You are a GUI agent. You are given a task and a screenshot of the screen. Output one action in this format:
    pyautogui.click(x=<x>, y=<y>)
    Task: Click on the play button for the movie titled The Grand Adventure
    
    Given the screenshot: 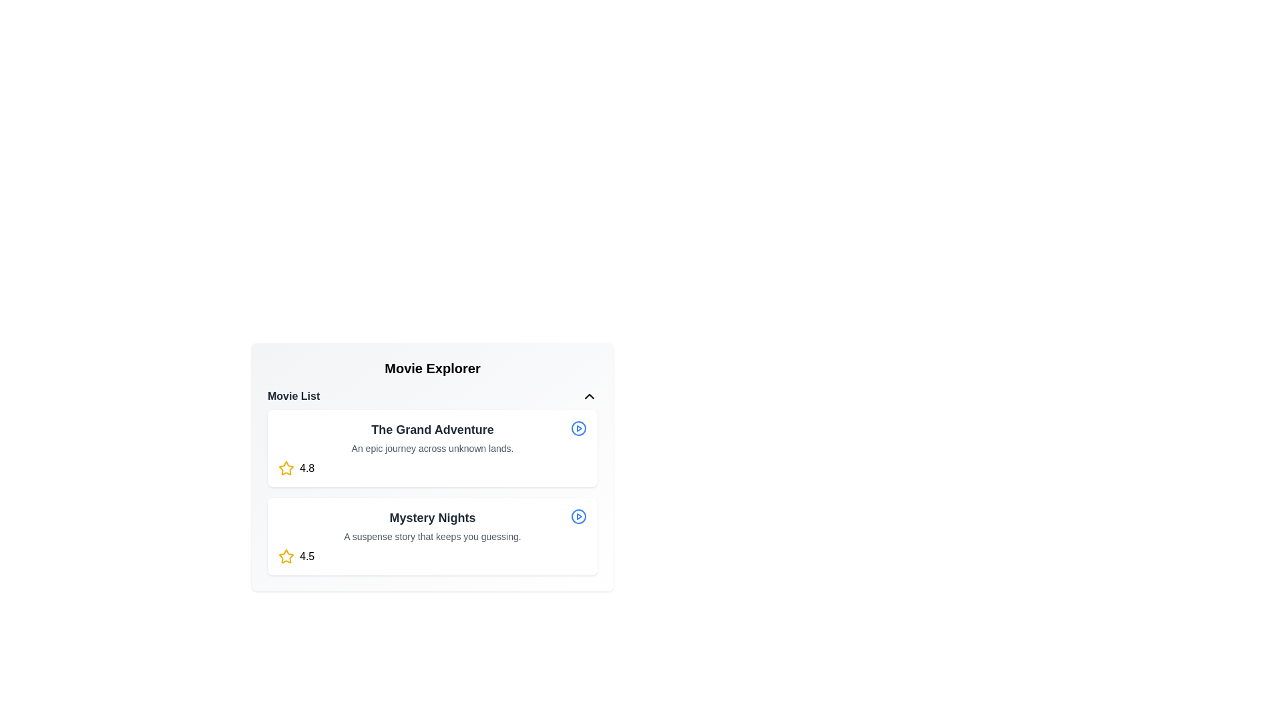 What is the action you would take?
    pyautogui.click(x=579, y=428)
    